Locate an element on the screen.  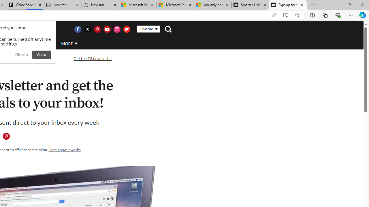
'Visit us on Twitter' is located at coordinates (87, 29).